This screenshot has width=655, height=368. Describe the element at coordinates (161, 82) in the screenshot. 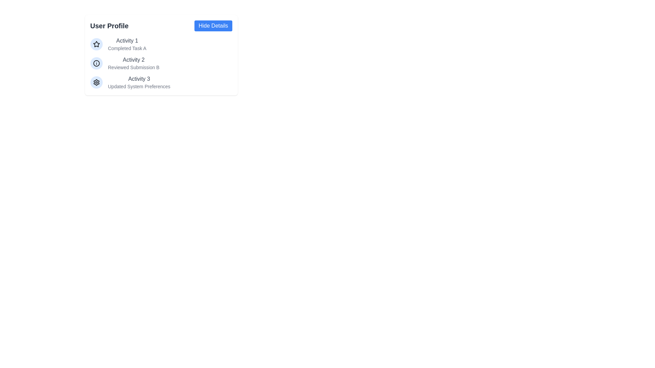

I see `the list item displaying 'Activity 3'` at that location.